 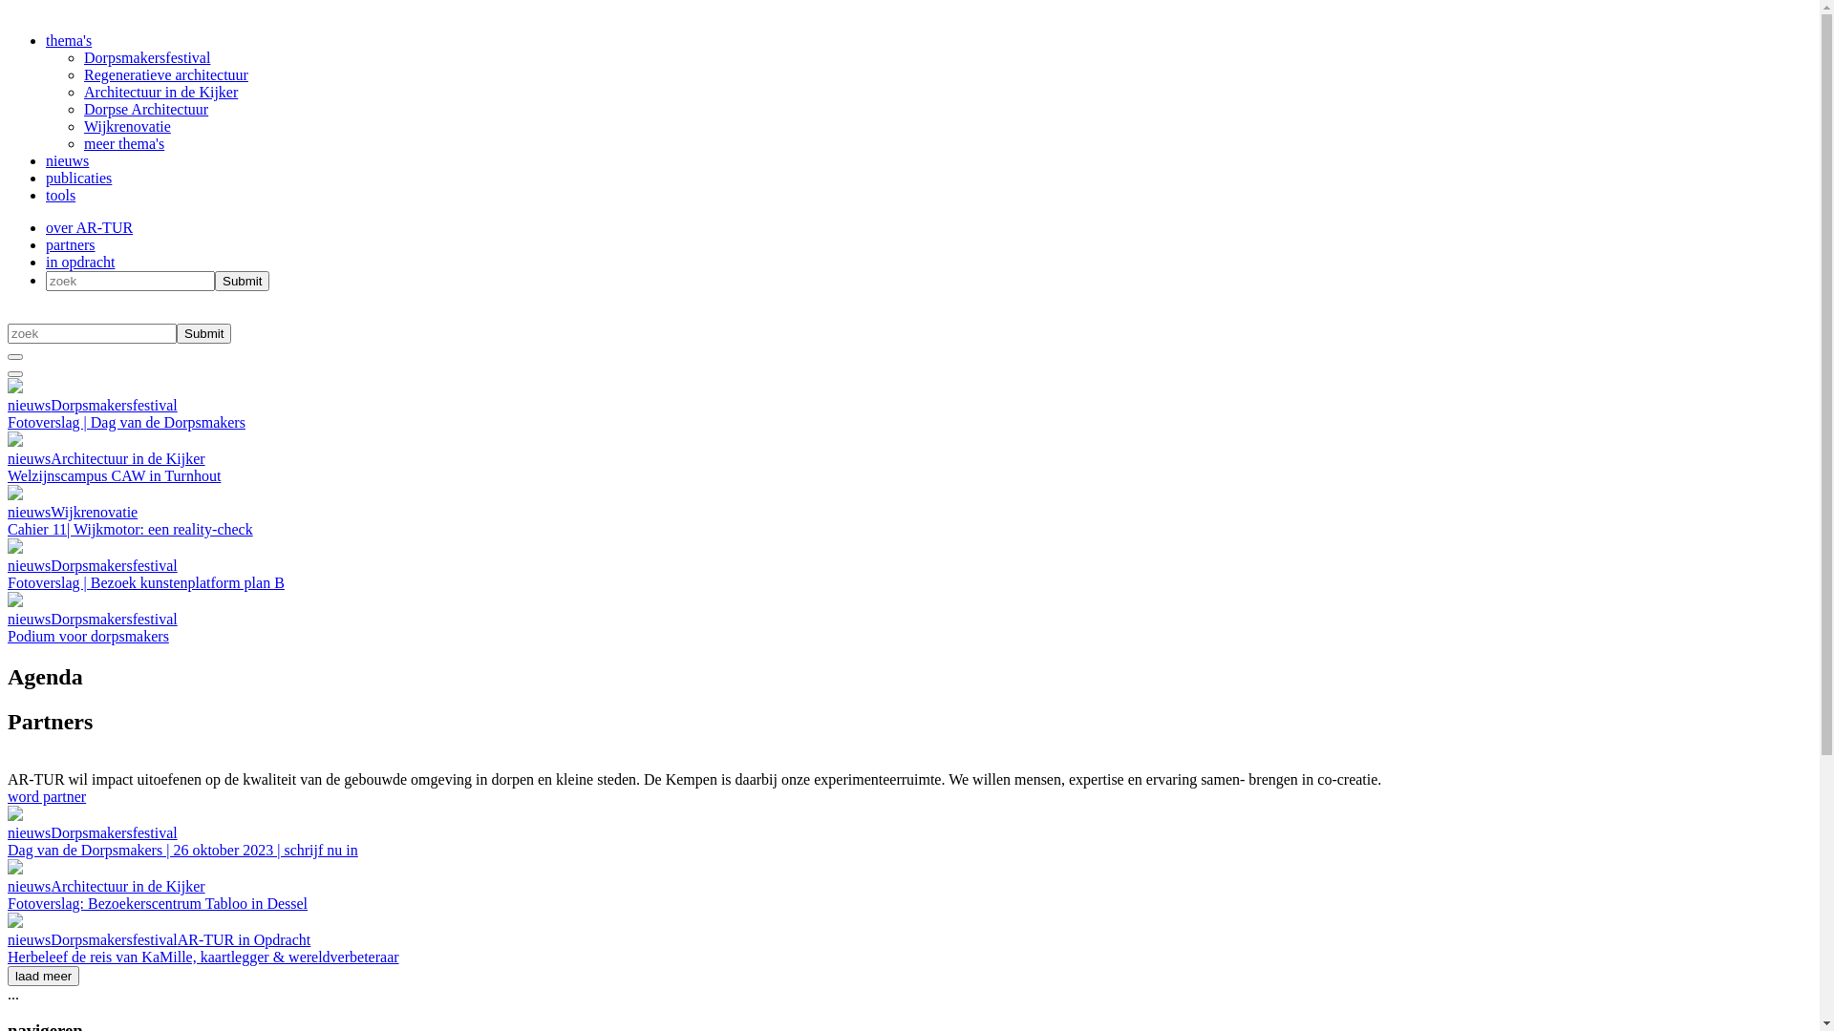 I want to click on 'over AR-TUR', so click(x=46, y=226).